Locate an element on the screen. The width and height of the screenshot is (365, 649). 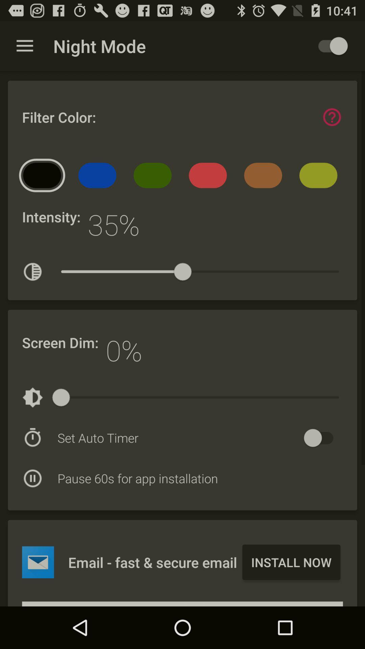
open email app is located at coordinates (38, 562).